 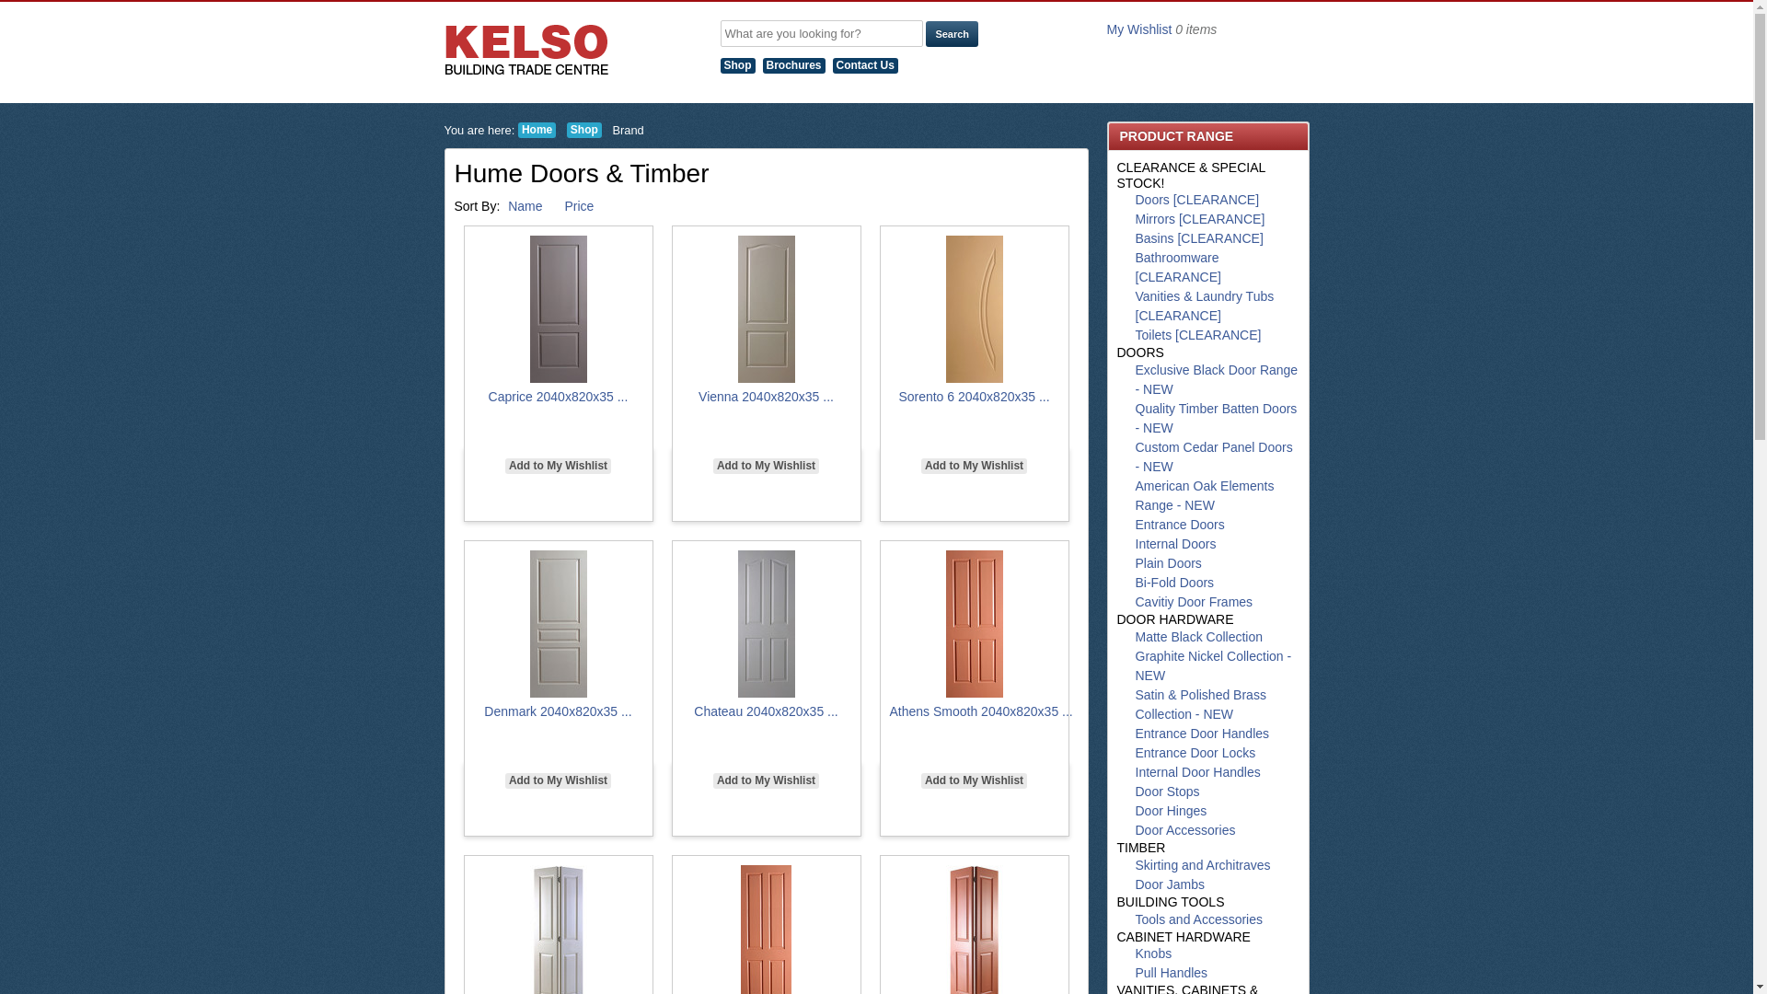 What do you see at coordinates (921, 780) in the screenshot?
I see `'Add to My Wishlist'` at bounding box center [921, 780].